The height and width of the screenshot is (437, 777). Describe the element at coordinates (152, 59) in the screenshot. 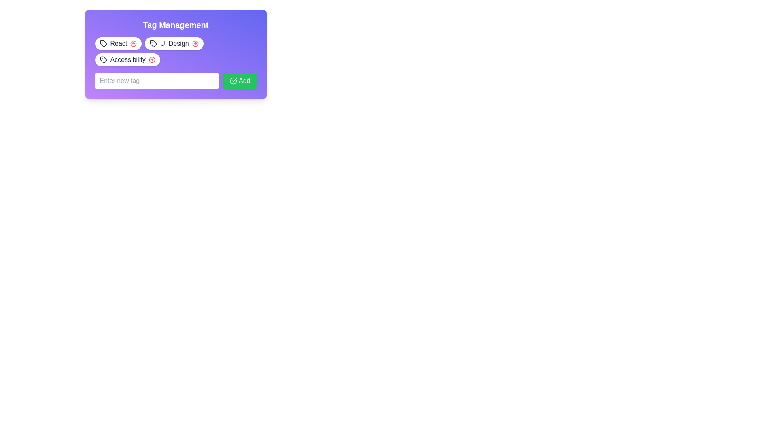

I see `the button with an icon for the 'Accessibility' tag, located at the top left of the interface` at that location.